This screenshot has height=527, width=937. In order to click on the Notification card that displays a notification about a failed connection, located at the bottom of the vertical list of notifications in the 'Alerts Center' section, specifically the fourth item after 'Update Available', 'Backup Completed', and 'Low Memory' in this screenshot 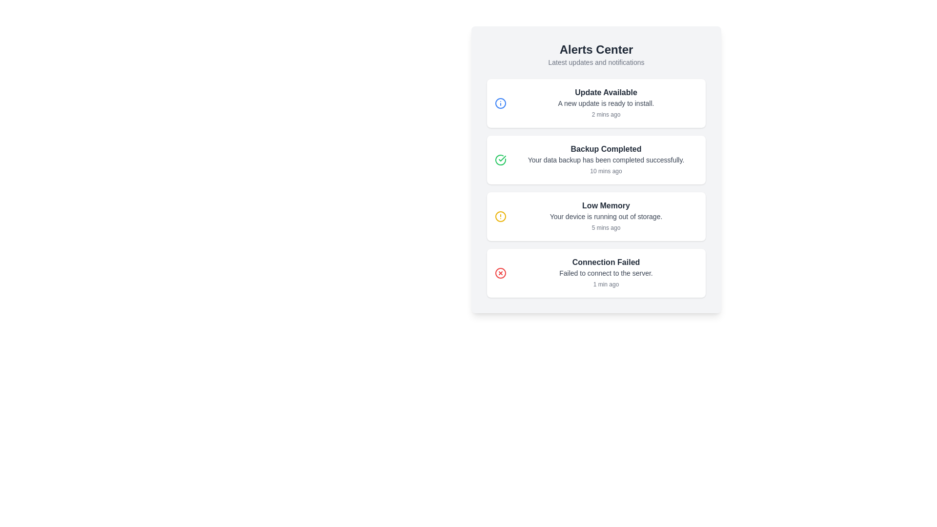, I will do `click(596, 273)`.